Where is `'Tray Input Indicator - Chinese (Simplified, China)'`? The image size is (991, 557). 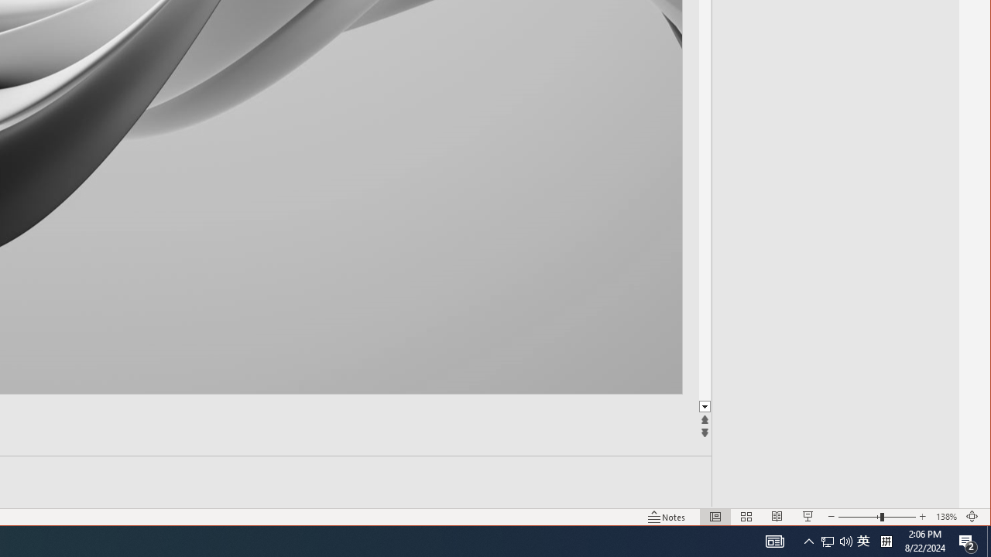 'Tray Input Indicator - Chinese (Simplified, China)' is located at coordinates (862, 540).